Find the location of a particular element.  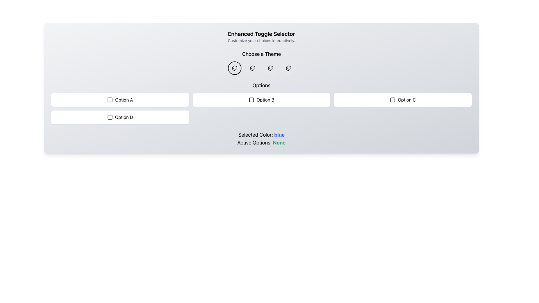

the artist's palette icon in the 'Choose a Theme' section is located at coordinates (252, 68).